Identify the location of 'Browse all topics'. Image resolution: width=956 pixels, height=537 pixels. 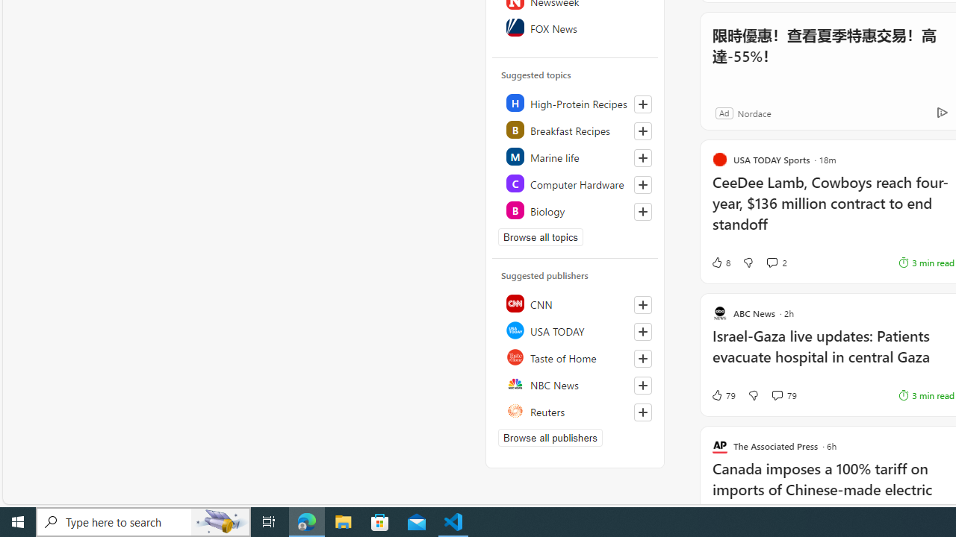
(540, 236).